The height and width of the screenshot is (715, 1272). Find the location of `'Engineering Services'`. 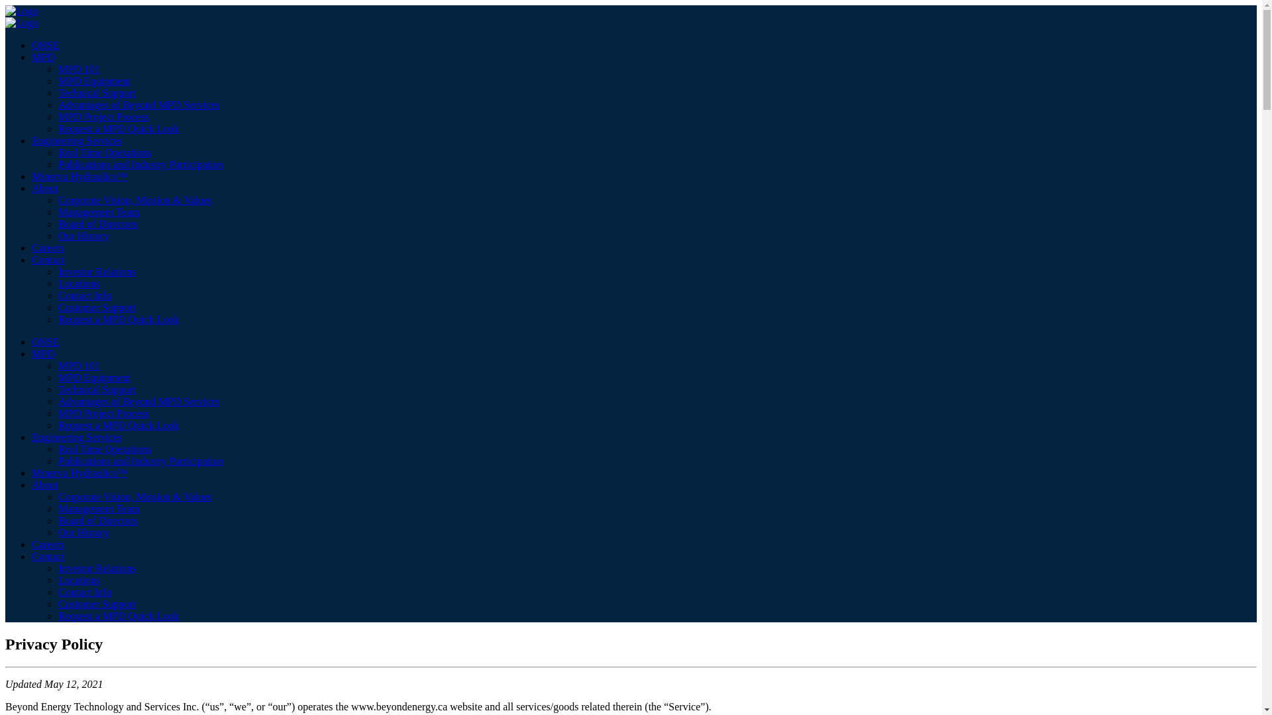

'Engineering Services' is located at coordinates (76, 140).